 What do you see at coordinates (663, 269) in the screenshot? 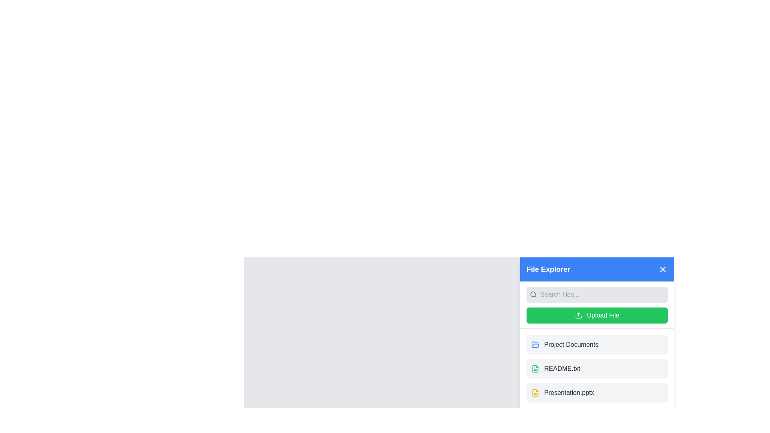
I see `the close or cancel button icon located in the upper-right corner of the 'File Explorer' panel to dismiss or close it` at bounding box center [663, 269].